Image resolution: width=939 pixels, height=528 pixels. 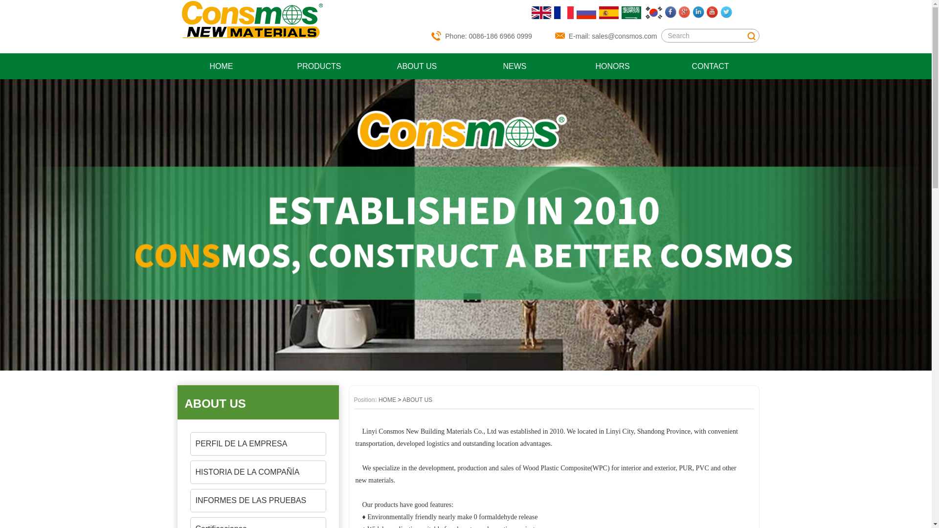 I want to click on 'CONTACT', so click(x=710, y=66).